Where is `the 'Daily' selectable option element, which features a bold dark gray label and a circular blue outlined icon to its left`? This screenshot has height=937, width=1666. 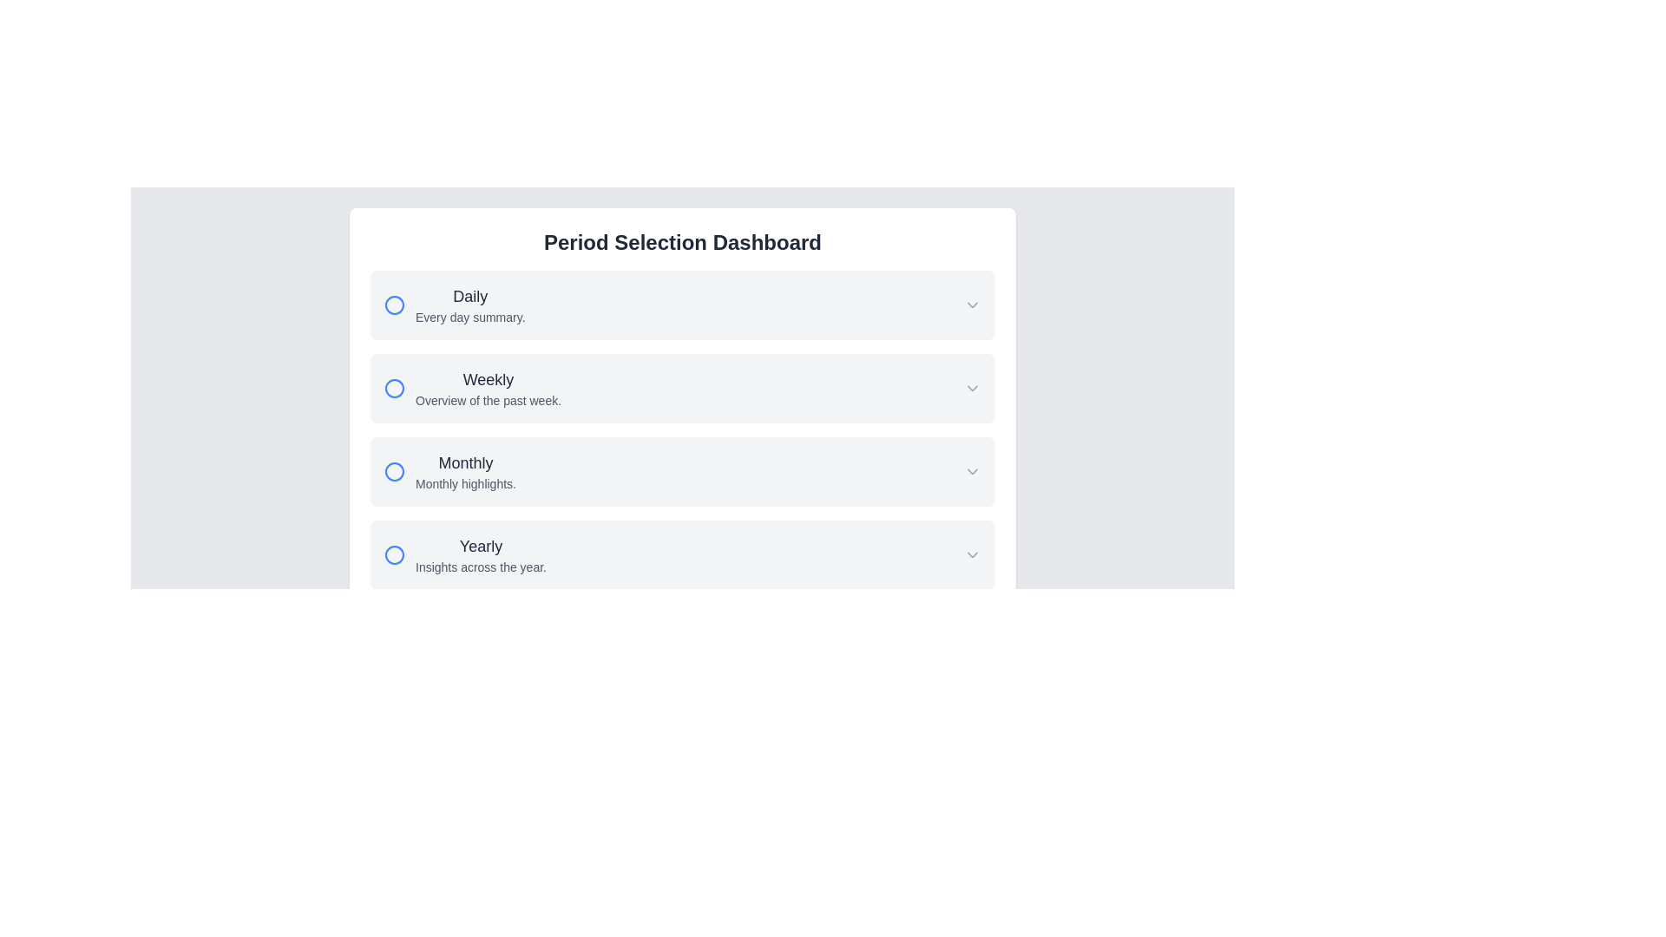 the 'Daily' selectable option element, which features a bold dark gray label and a circular blue outlined icon to its left is located at coordinates (455, 304).